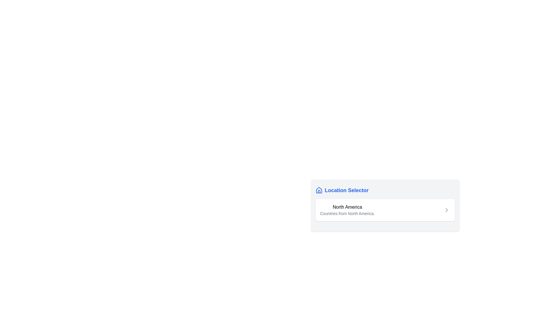 This screenshot has height=313, width=557. Describe the element at coordinates (446, 210) in the screenshot. I see `the rightward-pointing chevron icon located inside the 'North America' section` at that location.